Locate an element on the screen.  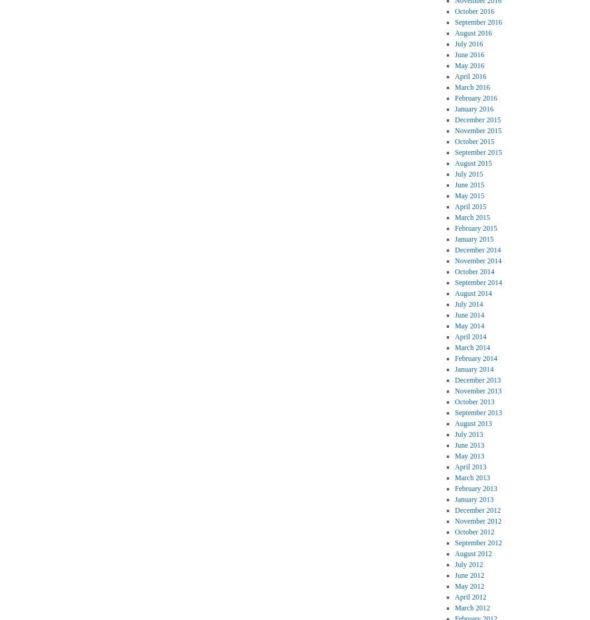
'July 2013' is located at coordinates (468, 434).